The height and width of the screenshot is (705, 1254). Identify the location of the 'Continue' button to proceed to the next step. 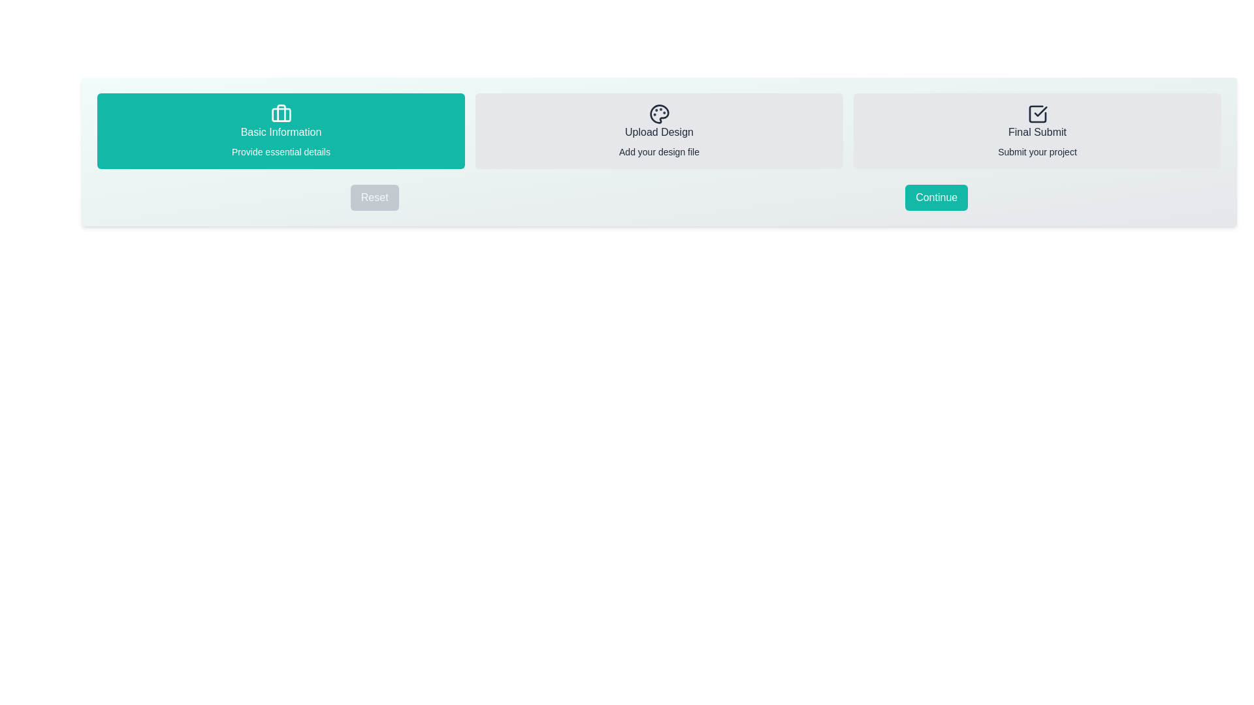
(936, 198).